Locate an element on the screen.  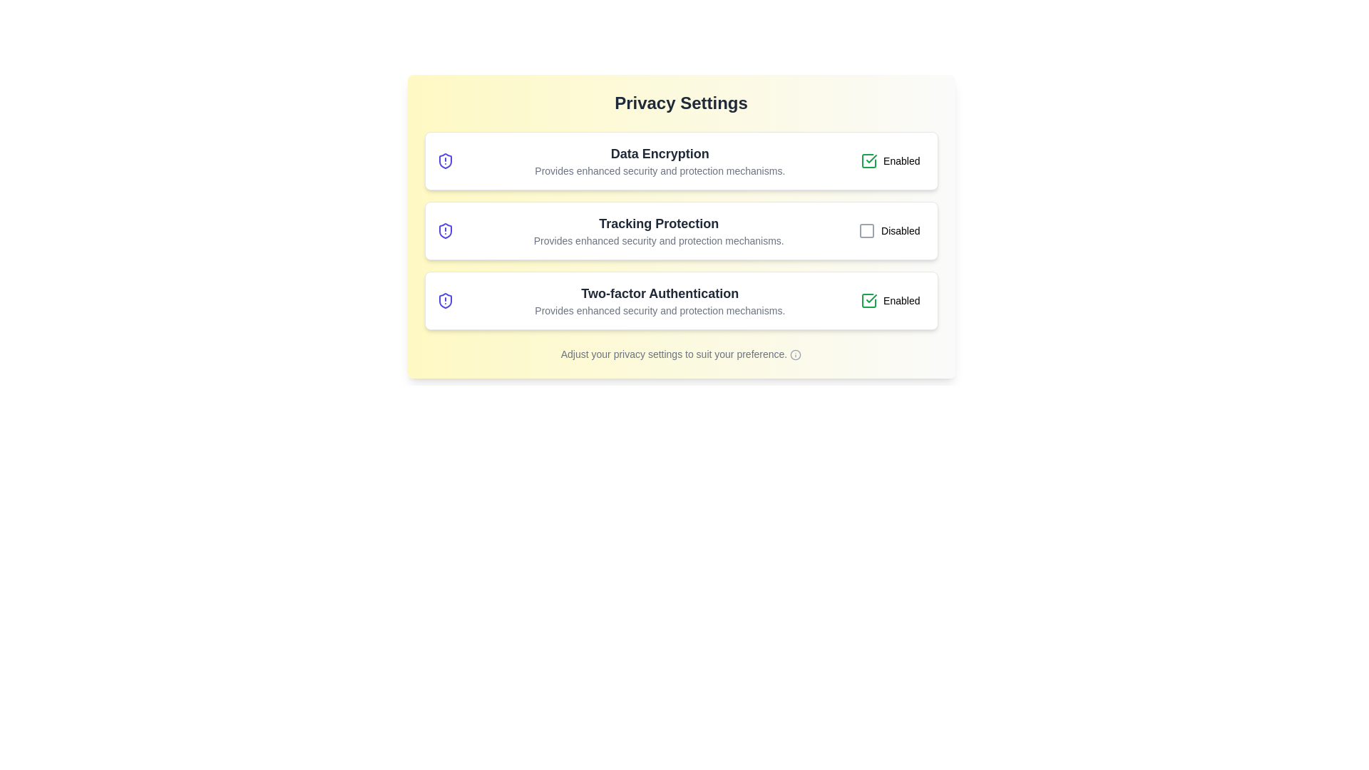
the Text Label that indicates the state of the adjacent setting toggle, which shows 'Enabled' within the 'Privacy Settings' interface is located at coordinates (901, 160).